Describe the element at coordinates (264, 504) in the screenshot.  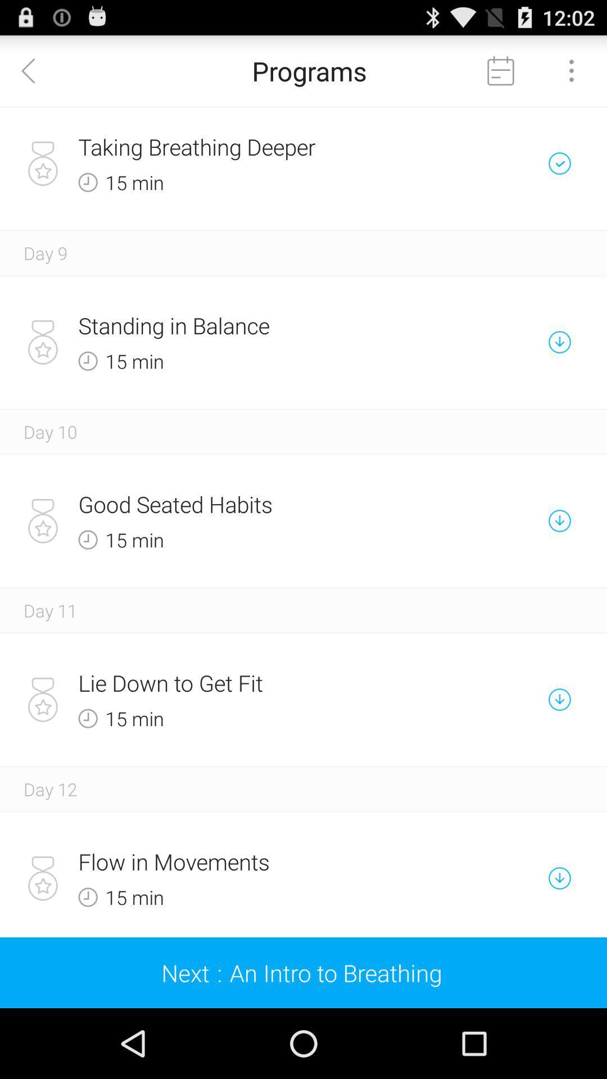
I see `the item above 15 min` at that location.